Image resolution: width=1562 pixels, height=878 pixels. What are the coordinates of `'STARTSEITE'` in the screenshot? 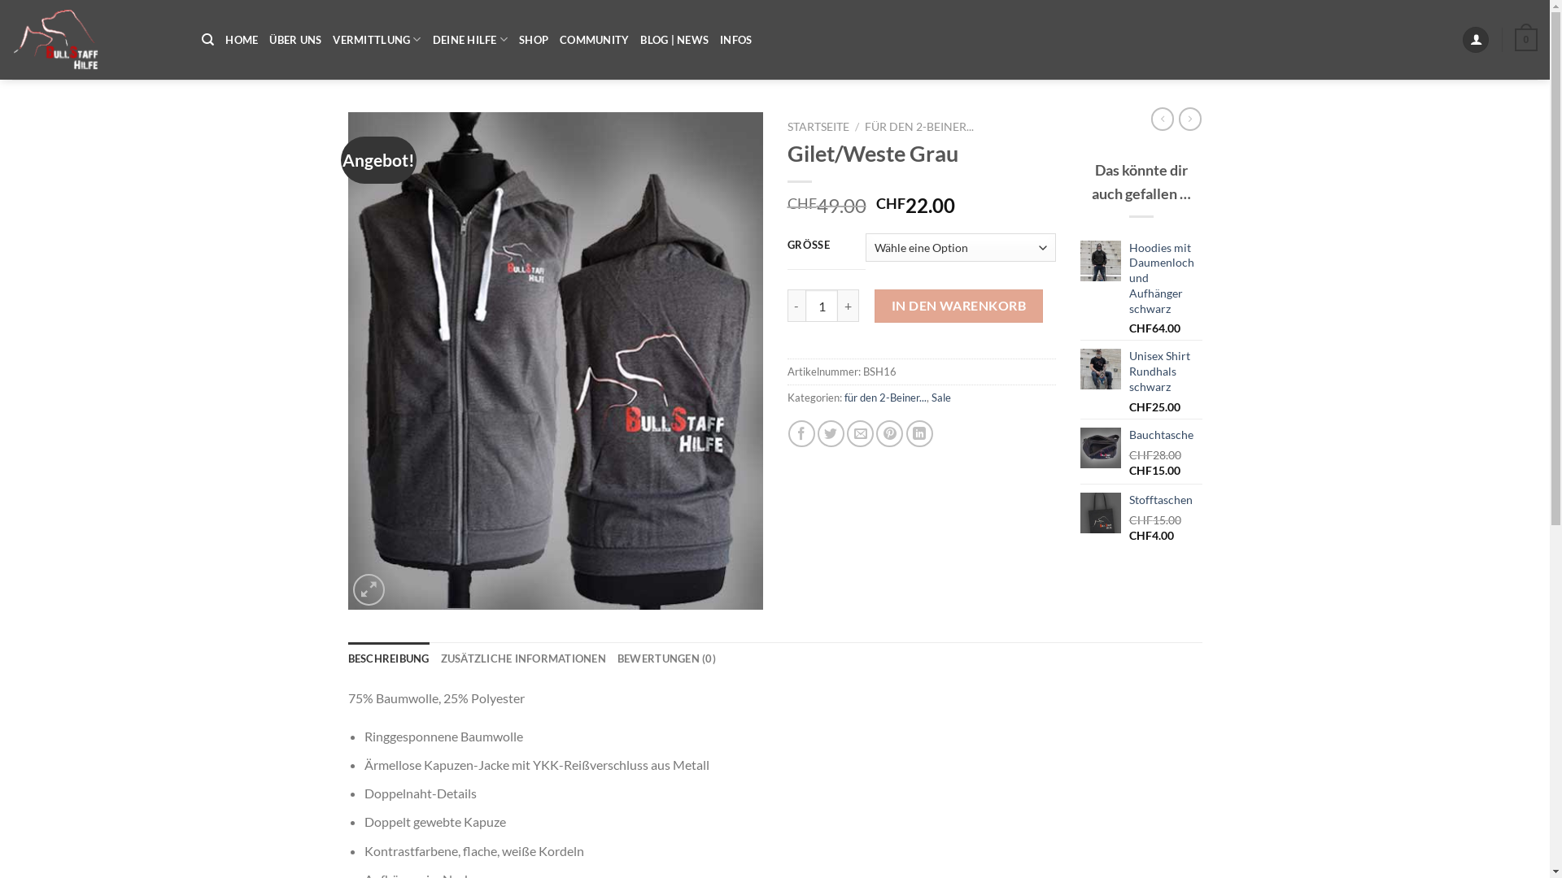 It's located at (818, 125).